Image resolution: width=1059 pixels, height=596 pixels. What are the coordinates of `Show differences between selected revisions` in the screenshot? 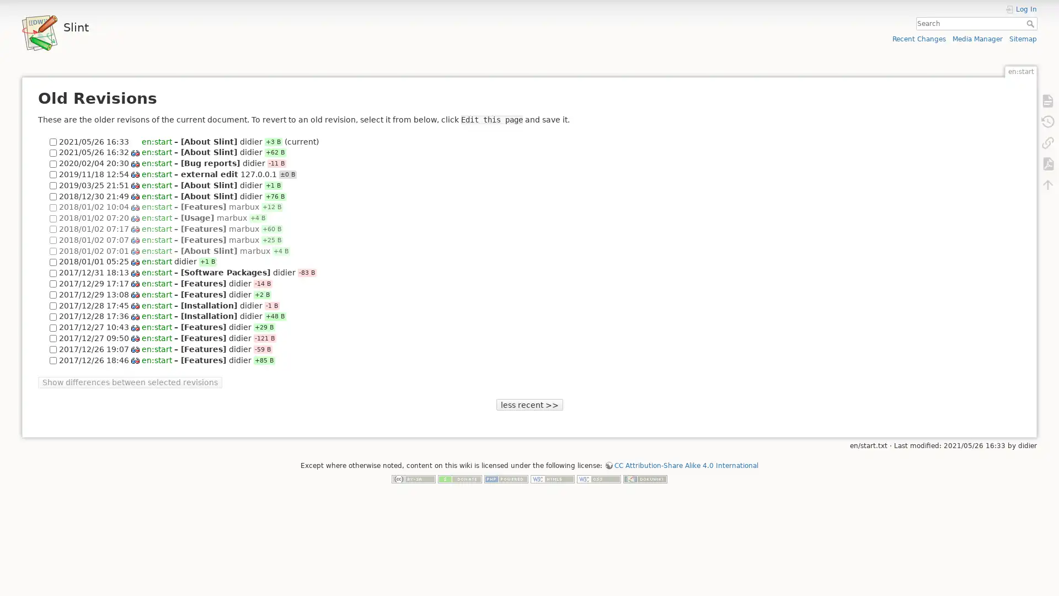 It's located at (130, 381).